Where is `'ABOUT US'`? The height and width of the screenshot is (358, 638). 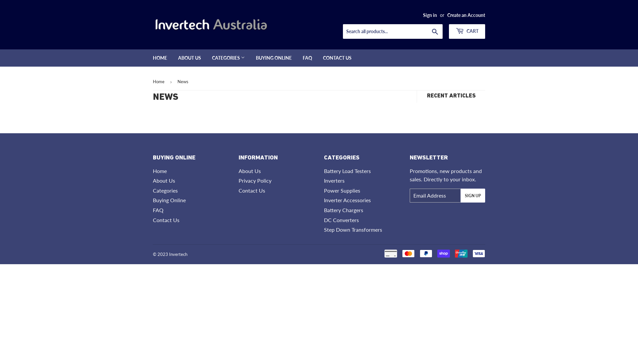
'ABOUT US' is located at coordinates (189, 57).